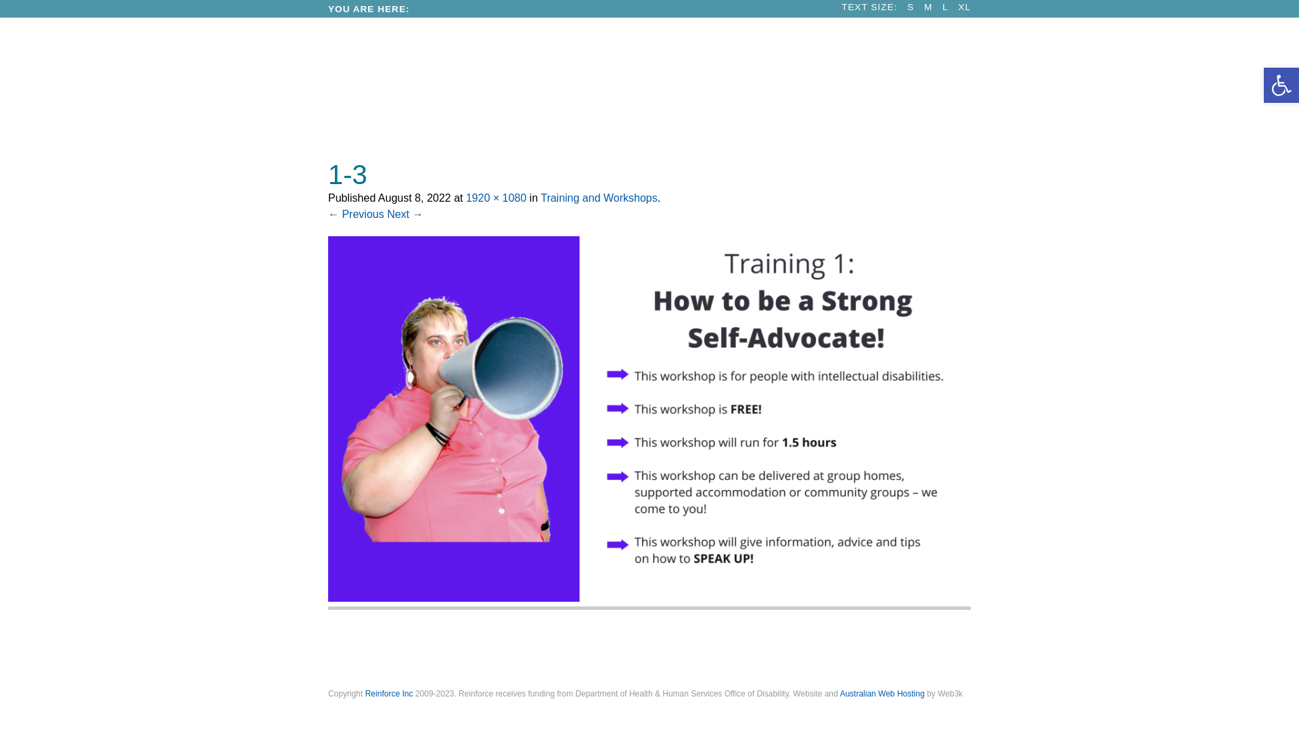 This screenshot has height=731, width=1299. Describe the element at coordinates (941, 7) in the screenshot. I see `'L'` at that location.